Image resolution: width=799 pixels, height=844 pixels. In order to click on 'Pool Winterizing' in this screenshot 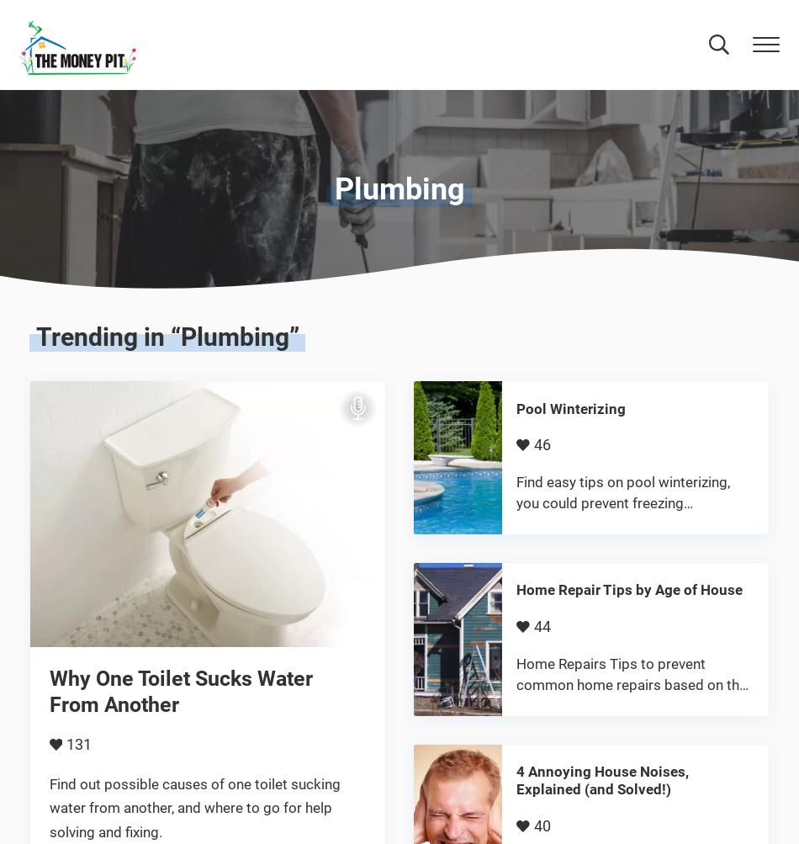, I will do `click(570, 407)`.